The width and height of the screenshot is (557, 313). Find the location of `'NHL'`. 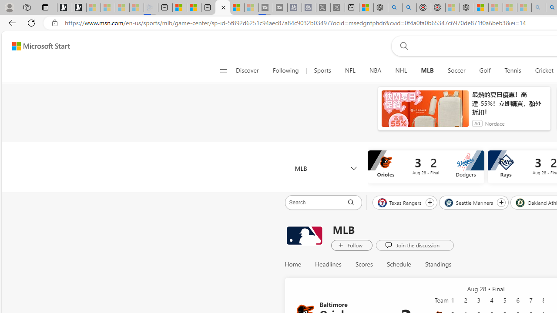

'NHL' is located at coordinates (400, 70).